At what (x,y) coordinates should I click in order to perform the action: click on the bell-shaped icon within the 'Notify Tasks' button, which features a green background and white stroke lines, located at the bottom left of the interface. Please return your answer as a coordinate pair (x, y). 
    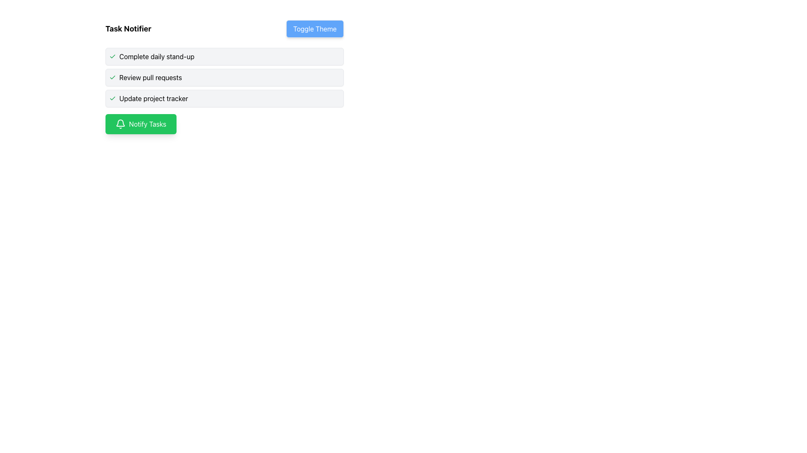
    Looking at the image, I should click on (120, 124).